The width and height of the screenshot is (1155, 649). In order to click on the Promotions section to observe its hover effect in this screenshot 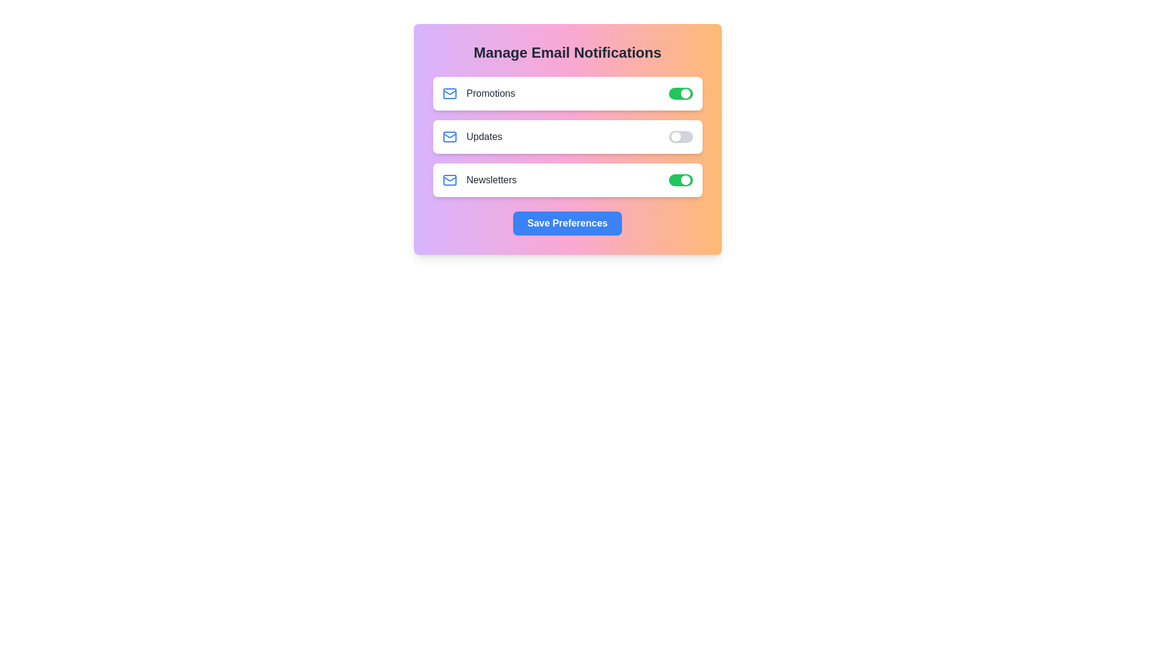, I will do `click(567, 93)`.